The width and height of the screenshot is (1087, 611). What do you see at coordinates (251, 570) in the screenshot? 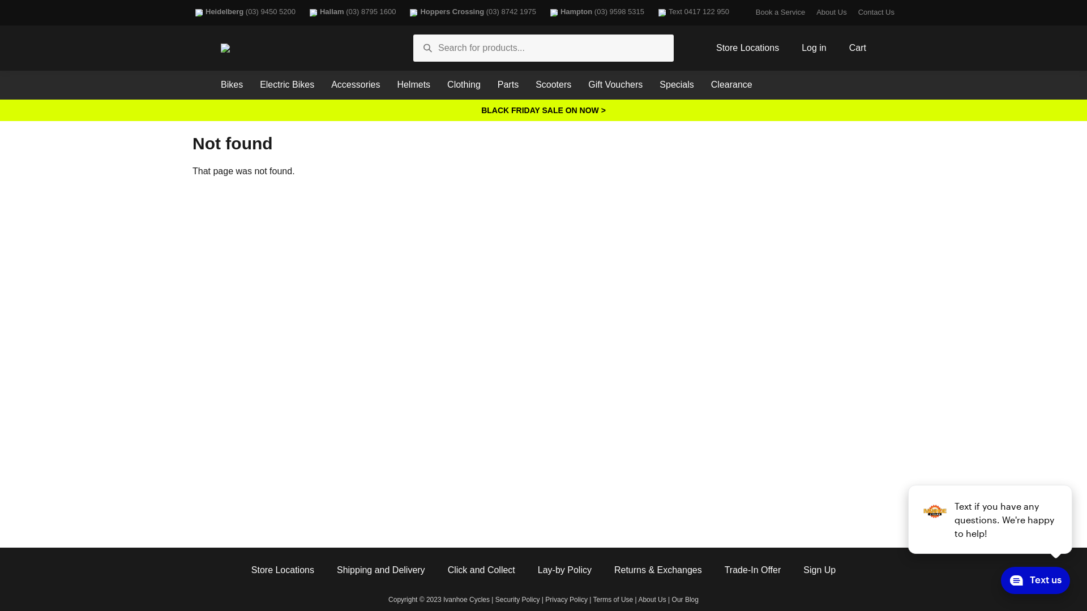
I see `'Store Locations'` at bounding box center [251, 570].